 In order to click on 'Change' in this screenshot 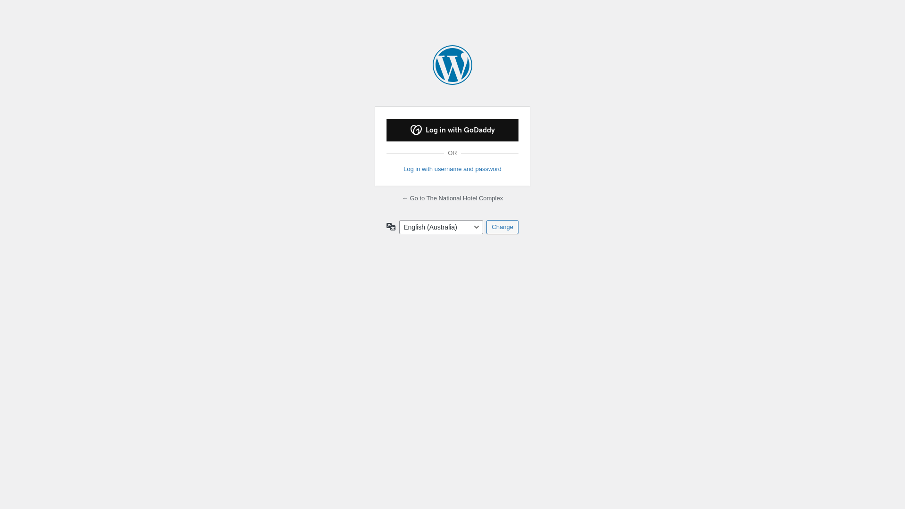, I will do `click(502, 227)`.